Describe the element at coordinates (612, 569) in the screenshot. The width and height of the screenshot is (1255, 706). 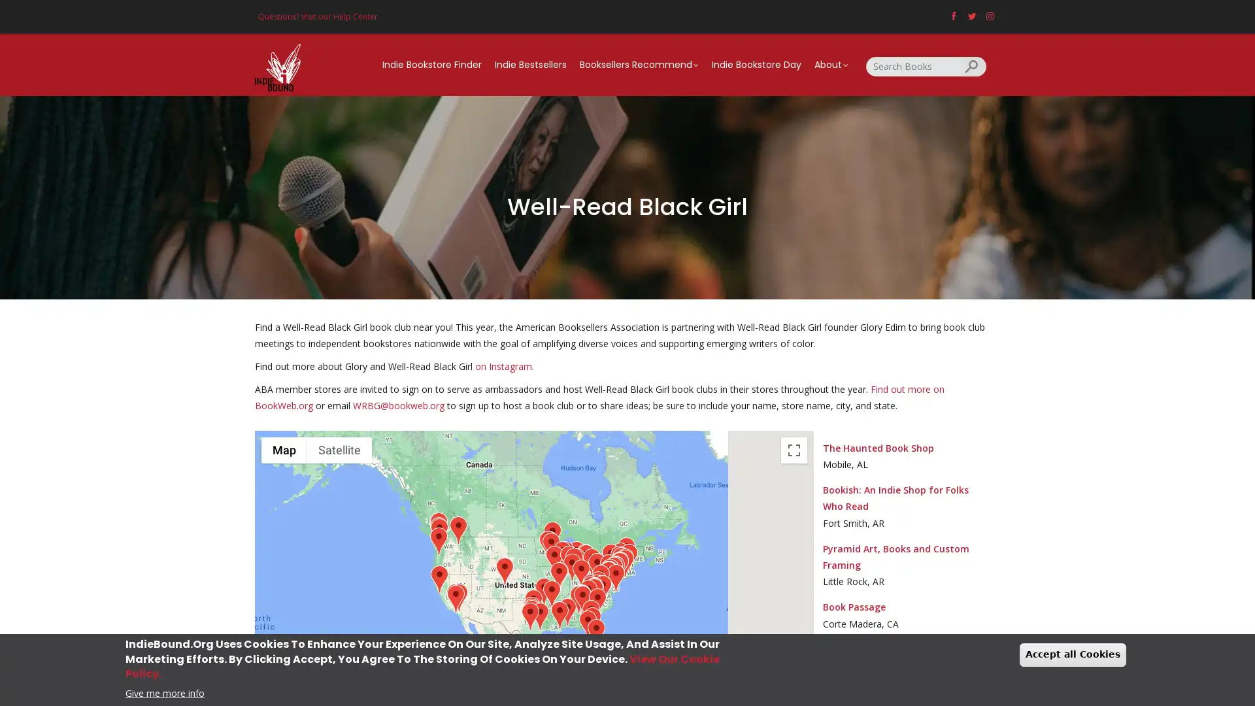
I see `Books & Bagels` at that location.